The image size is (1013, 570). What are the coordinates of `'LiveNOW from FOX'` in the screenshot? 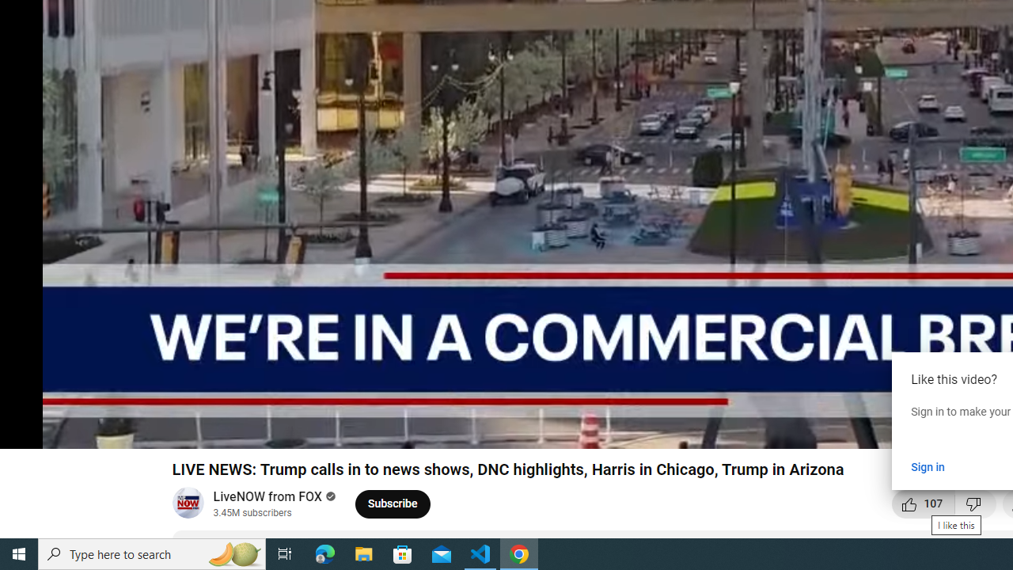 It's located at (268, 496).